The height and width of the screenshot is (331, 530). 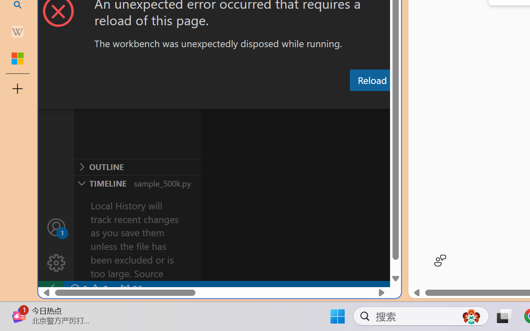 I want to click on 'remote', so click(x=50, y=289).